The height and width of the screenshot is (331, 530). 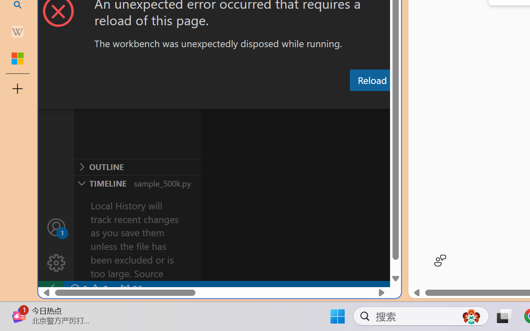 I want to click on 'remote', so click(x=50, y=289).